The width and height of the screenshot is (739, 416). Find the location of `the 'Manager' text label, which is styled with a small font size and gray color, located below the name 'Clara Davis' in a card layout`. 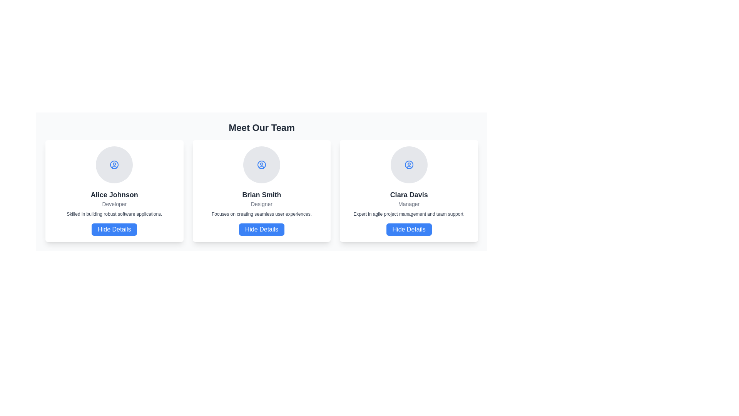

the 'Manager' text label, which is styled with a small font size and gray color, located below the name 'Clara Davis' in a card layout is located at coordinates (408, 203).